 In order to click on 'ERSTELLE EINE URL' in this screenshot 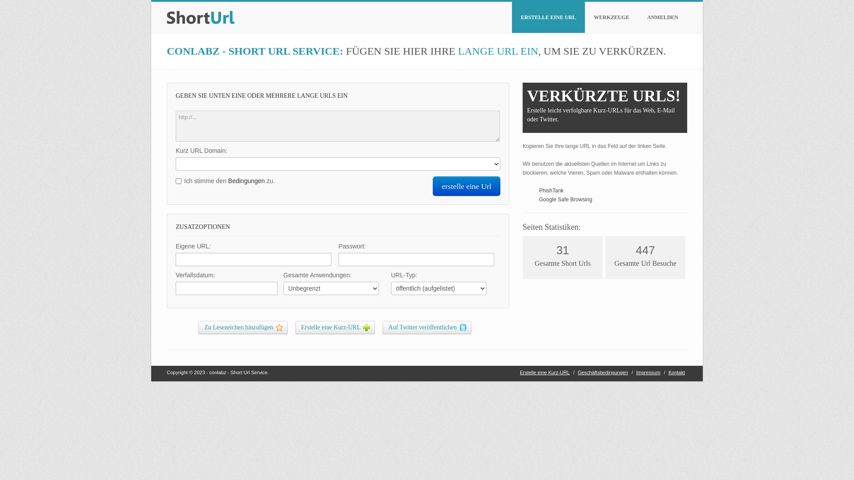, I will do `click(548, 17)`.